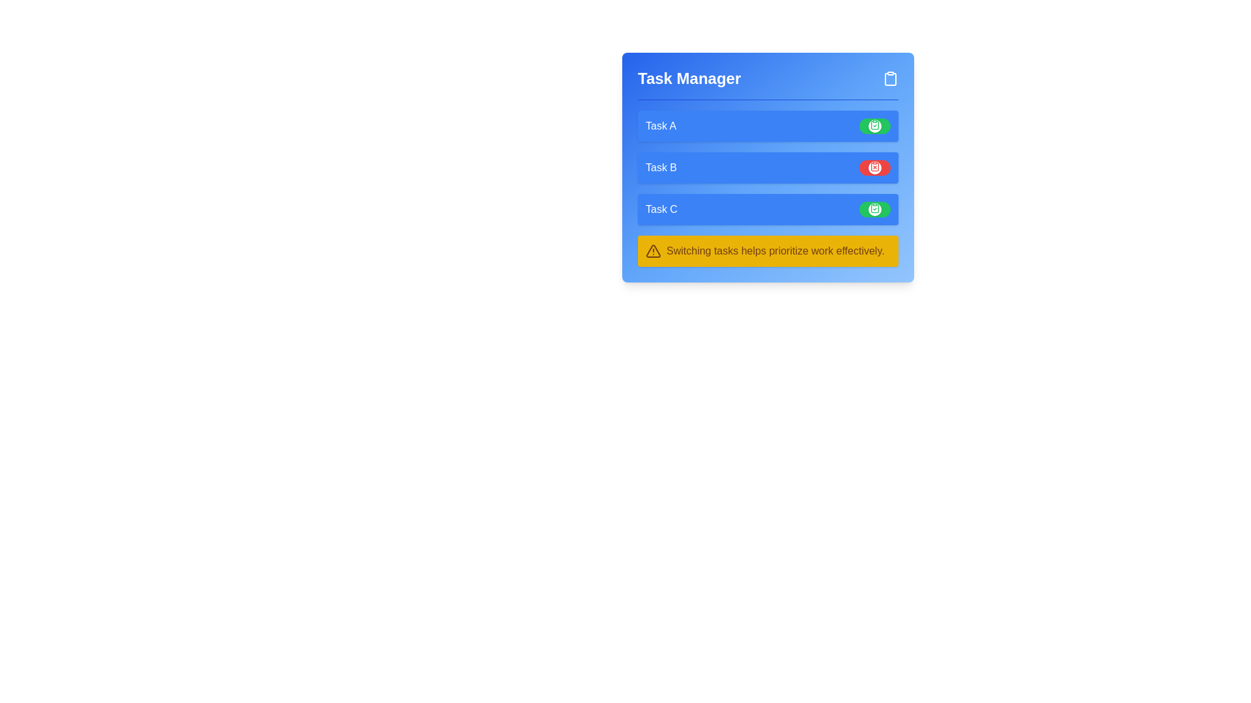  I want to click on the triangular warning icon located to the left of the 'Switching tasks helps prioritize work effectively.' message in the lower region of the interface, so click(654, 251).